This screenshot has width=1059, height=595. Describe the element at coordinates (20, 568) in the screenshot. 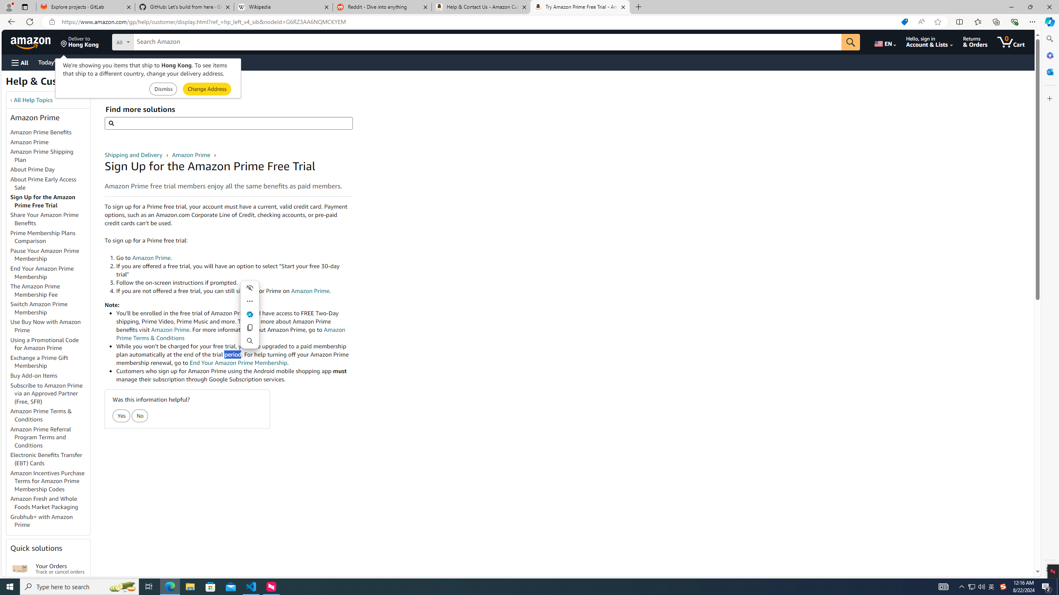

I see `'Your Orders'` at that location.